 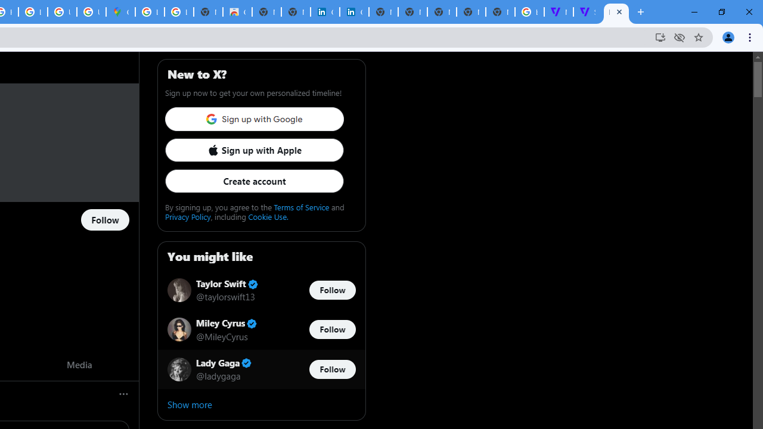 What do you see at coordinates (267, 216) in the screenshot?
I see `'Cookie Use.'` at bounding box center [267, 216].